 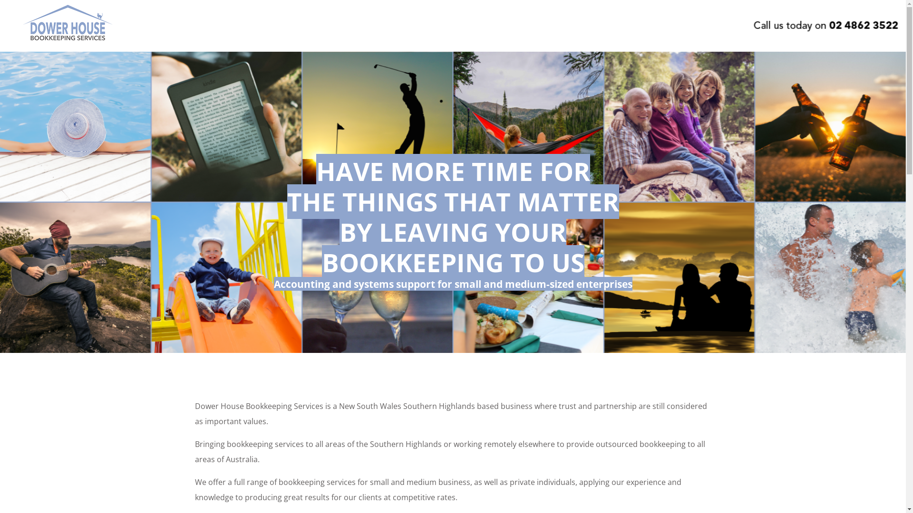 I want to click on 'Dower House Bookkeeping Services', so click(x=67, y=41).